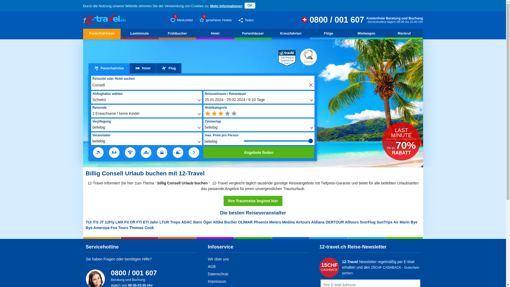  What do you see at coordinates (261, 222) in the screenshot?
I see `'Phoenix'` at bounding box center [261, 222].